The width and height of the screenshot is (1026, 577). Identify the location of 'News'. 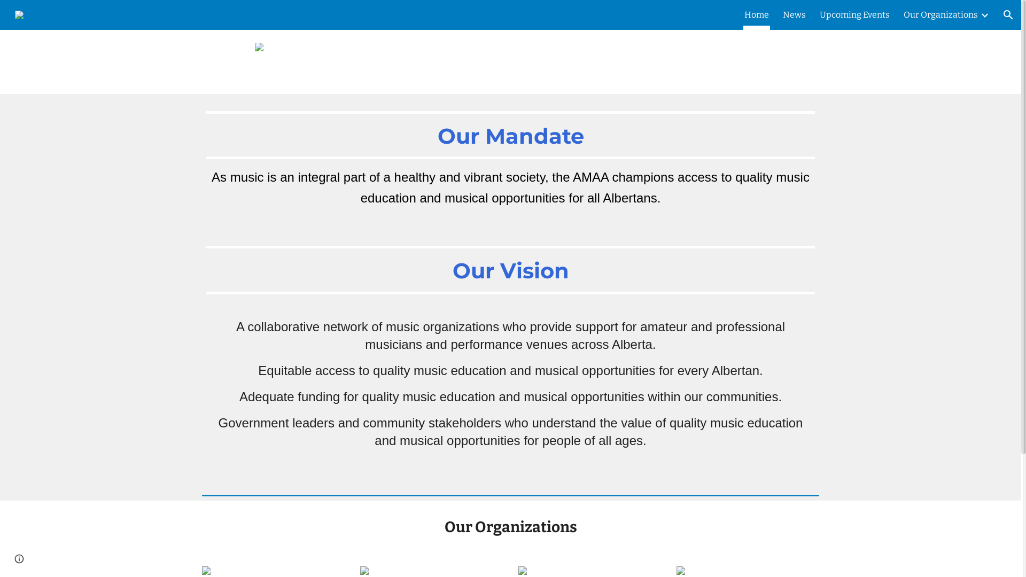
(782, 14).